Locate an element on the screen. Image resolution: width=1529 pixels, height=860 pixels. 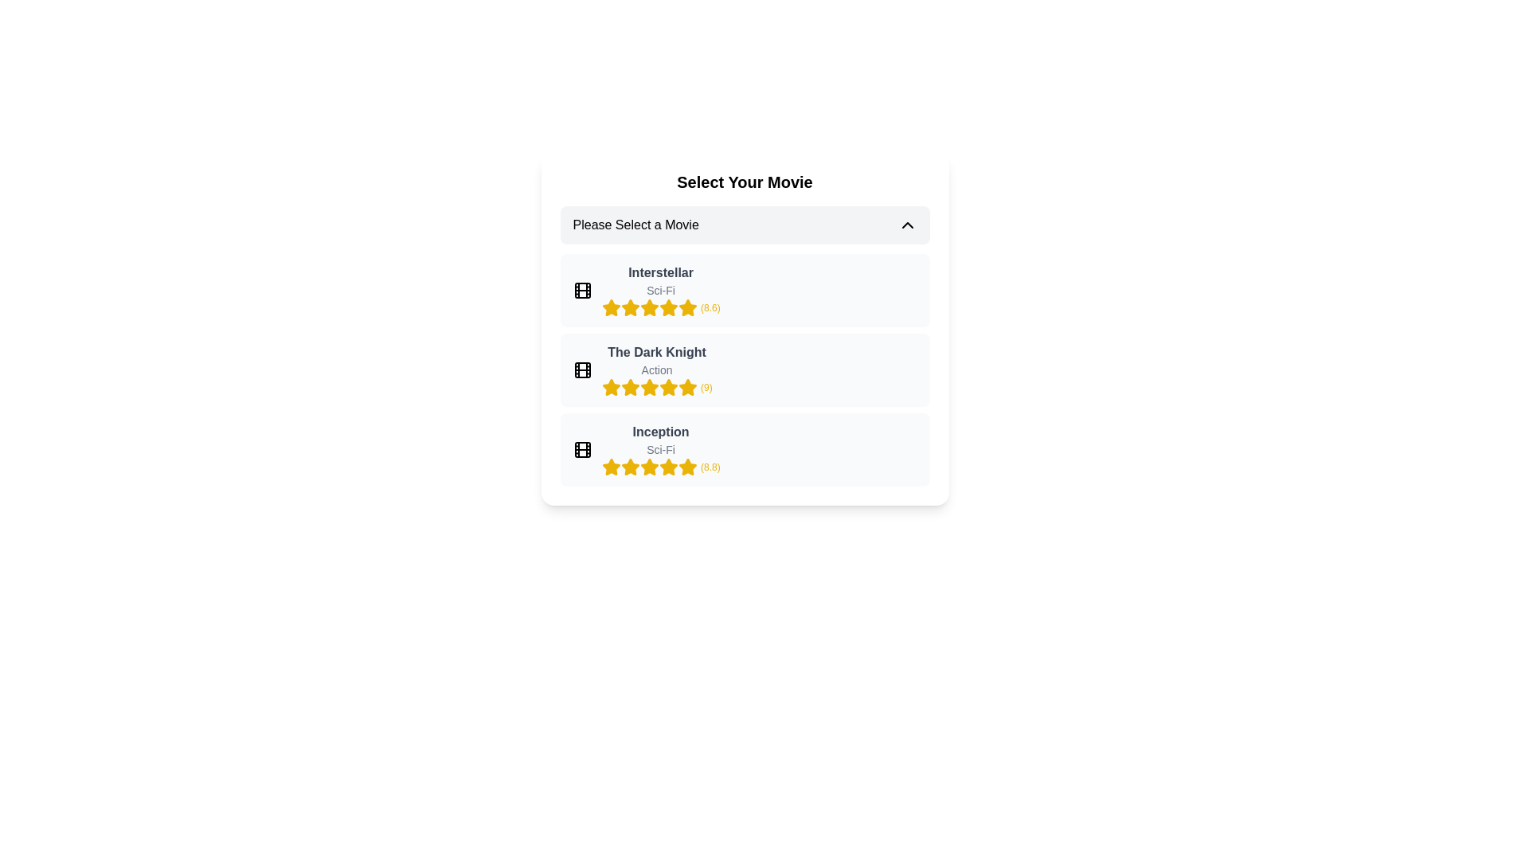
the title of the movie 'The Dark Knight' which is located on the second card in a list of movie options, centrally positioned and aligned to the left within the card is located at coordinates (657, 352).